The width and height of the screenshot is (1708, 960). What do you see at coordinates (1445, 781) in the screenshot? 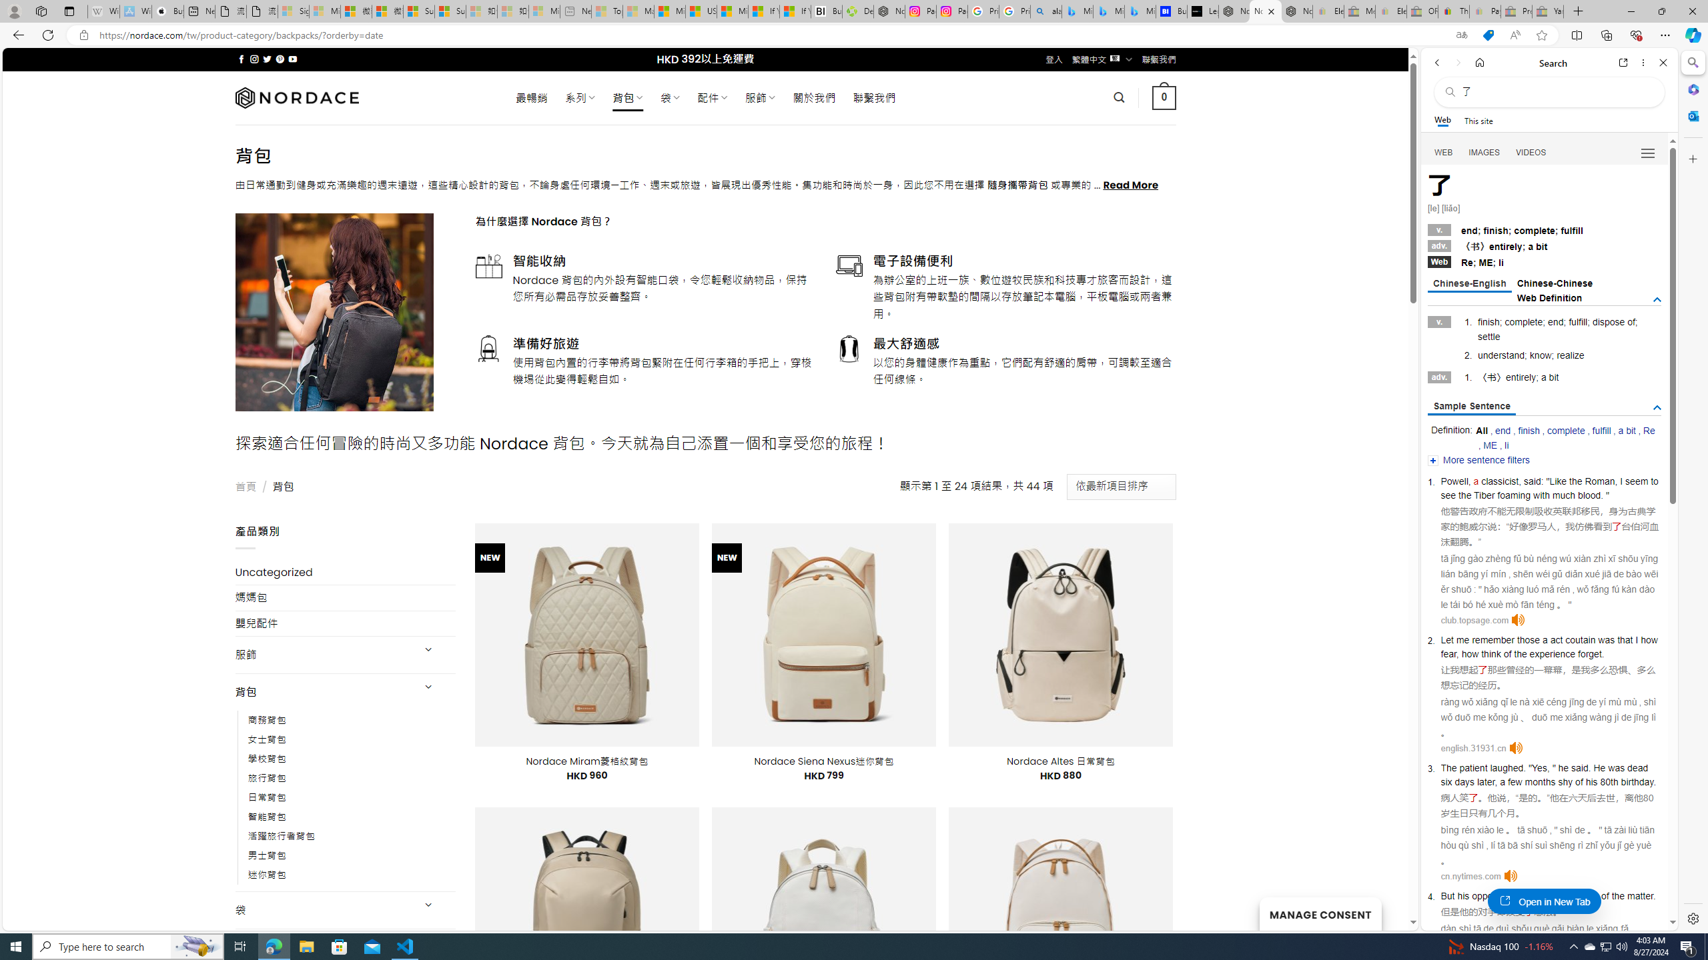
I see `'six'` at bounding box center [1445, 781].